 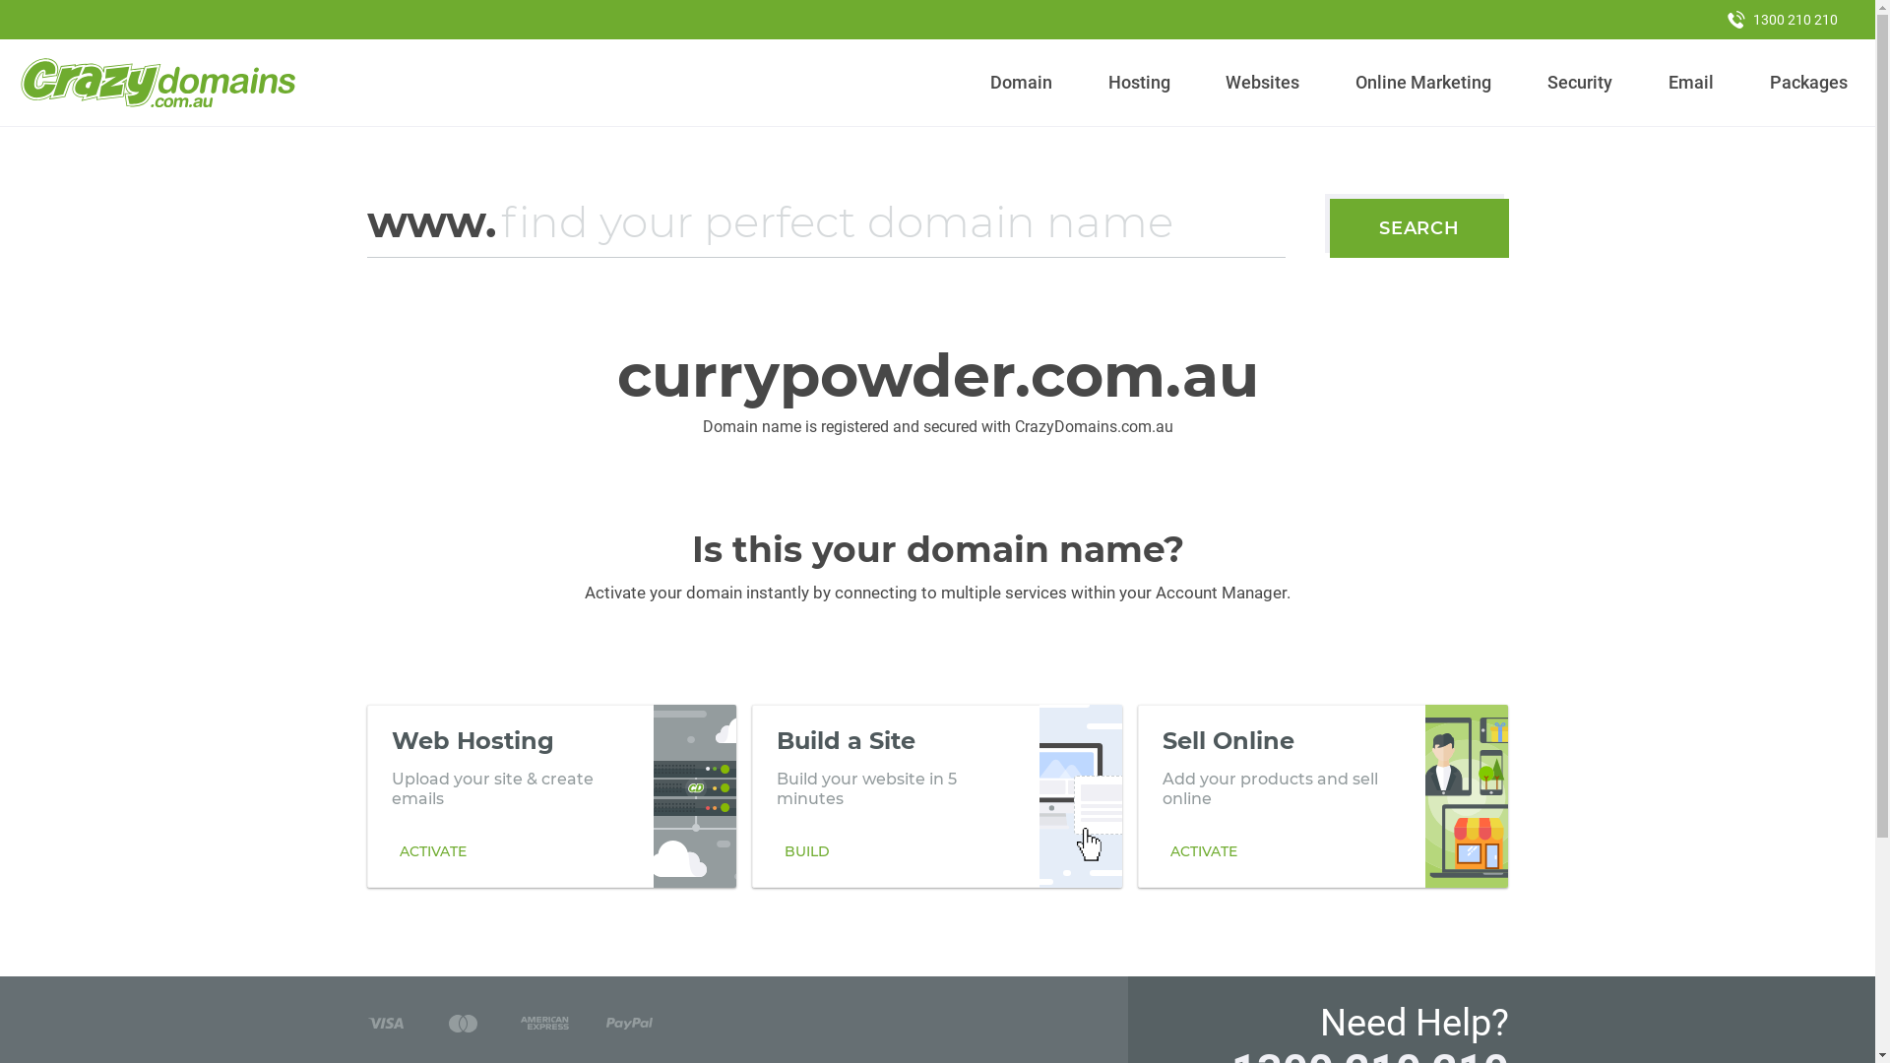 What do you see at coordinates (1761, 82) in the screenshot?
I see `'Packages'` at bounding box center [1761, 82].